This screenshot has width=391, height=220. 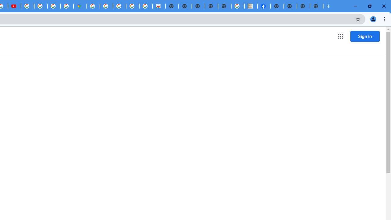 What do you see at coordinates (80, 6) in the screenshot?
I see `'Google Maps'` at bounding box center [80, 6].